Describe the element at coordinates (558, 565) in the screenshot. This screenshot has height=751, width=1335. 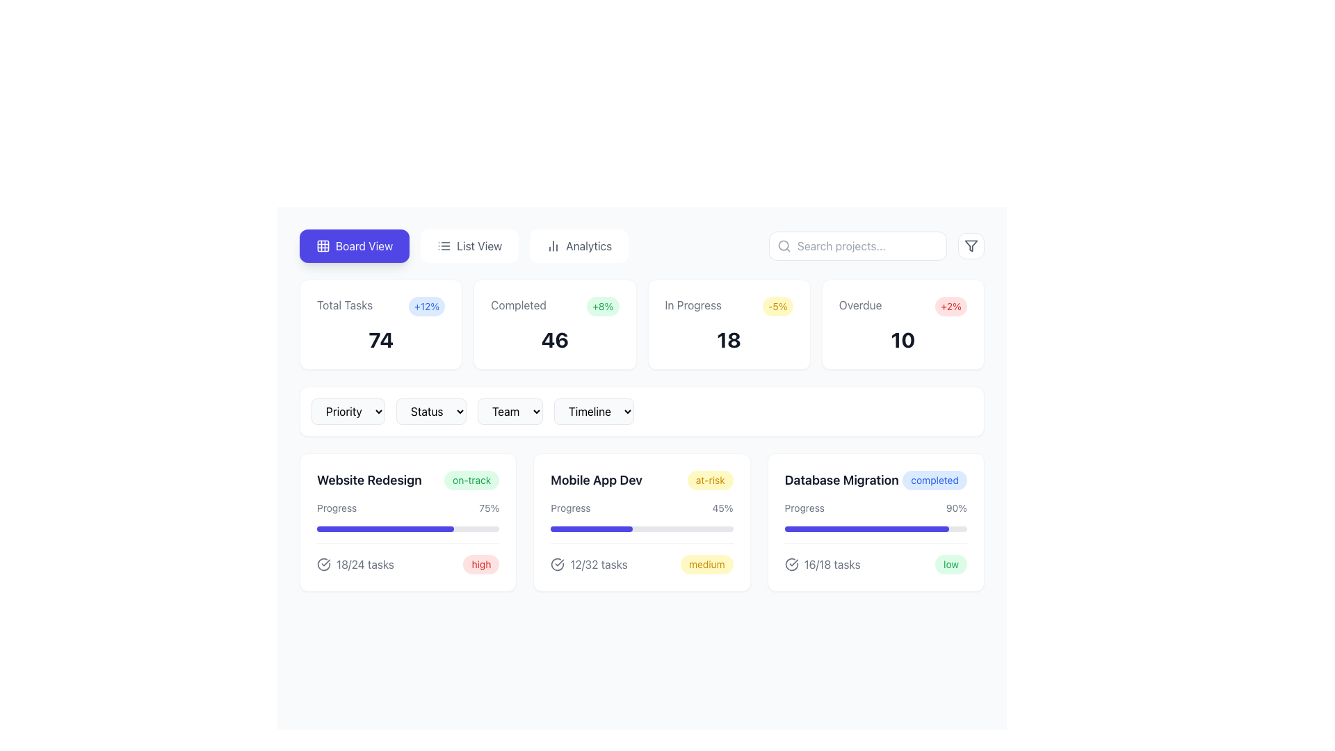
I see `the icon that indicates task completion or checklist status, which is positioned to the left of the '12/32 tasks' text in the 'Mobile App Dev' card` at that location.